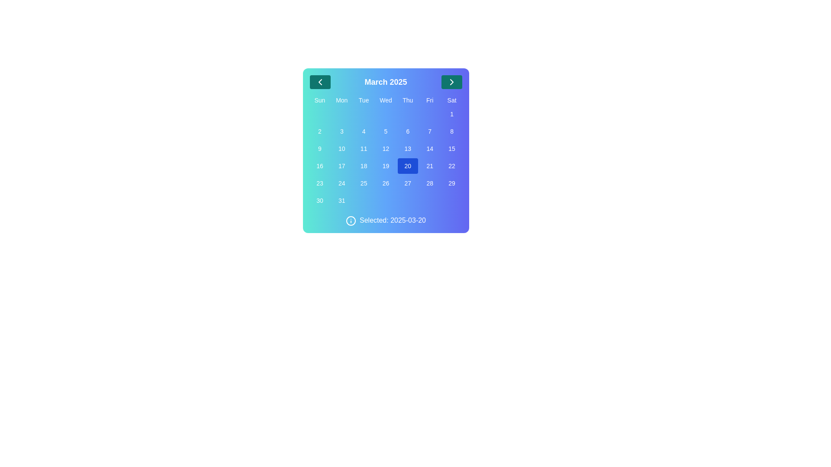  Describe the element at coordinates (364, 166) in the screenshot. I see `the selectable calendar date cell in the third row and third column under 'March 2025'` at that location.